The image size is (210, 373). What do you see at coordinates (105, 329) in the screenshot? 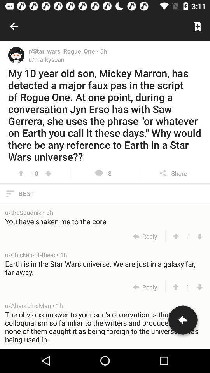
I see `the obvious answer` at bounding box center [105, 329].